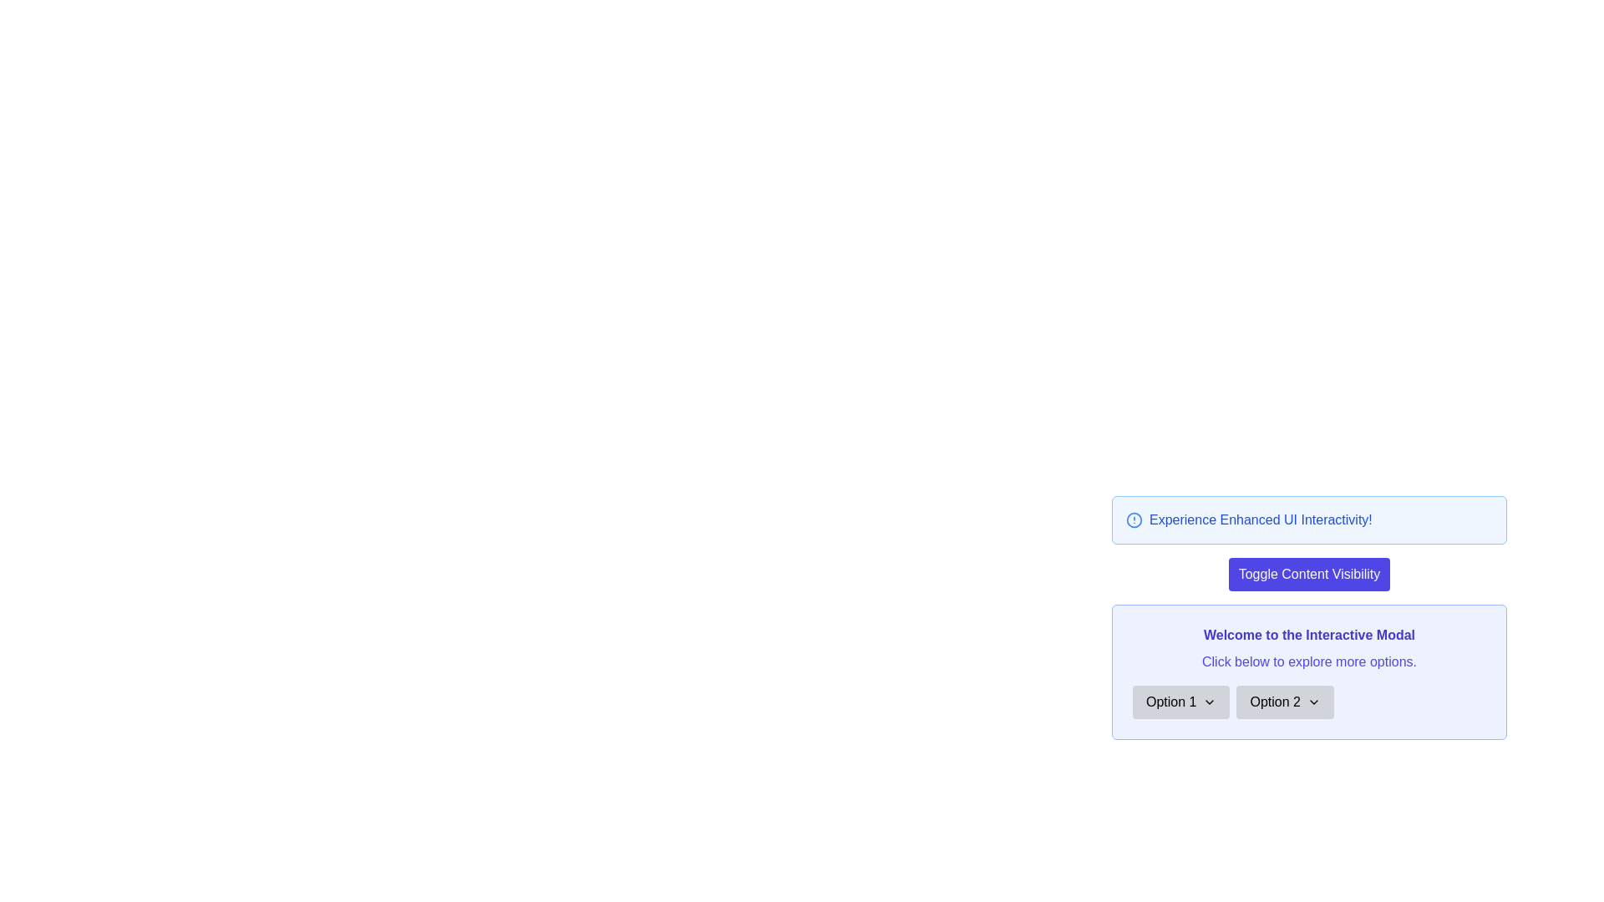 The image size is (1604, 902). I want to click on the small circular icon with a blue border that contains a line segment and a small dot, which is located before the text 'Experience Enhanced UI Interactivity!' in the top-right section of the interface, so click(1134, 519).